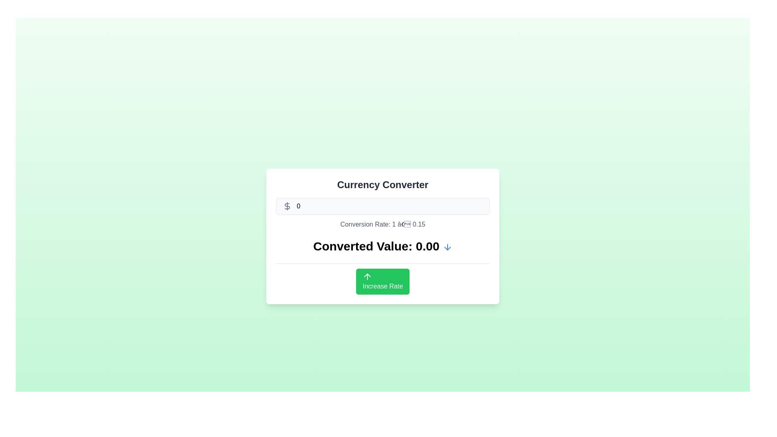  I want to click on the arrow icon located in the top section of the green 'Increase Rate' button, which is centered horizontally and positioned above the label text inside the button, so click(367, 276).